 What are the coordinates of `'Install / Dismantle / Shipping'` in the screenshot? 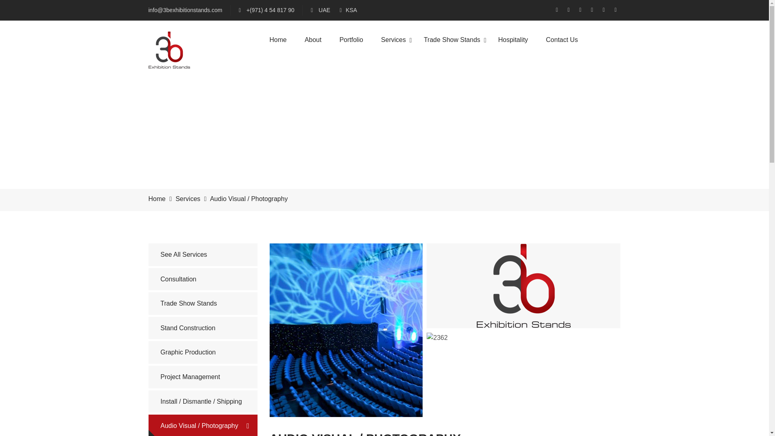 It's located at (203, 402).